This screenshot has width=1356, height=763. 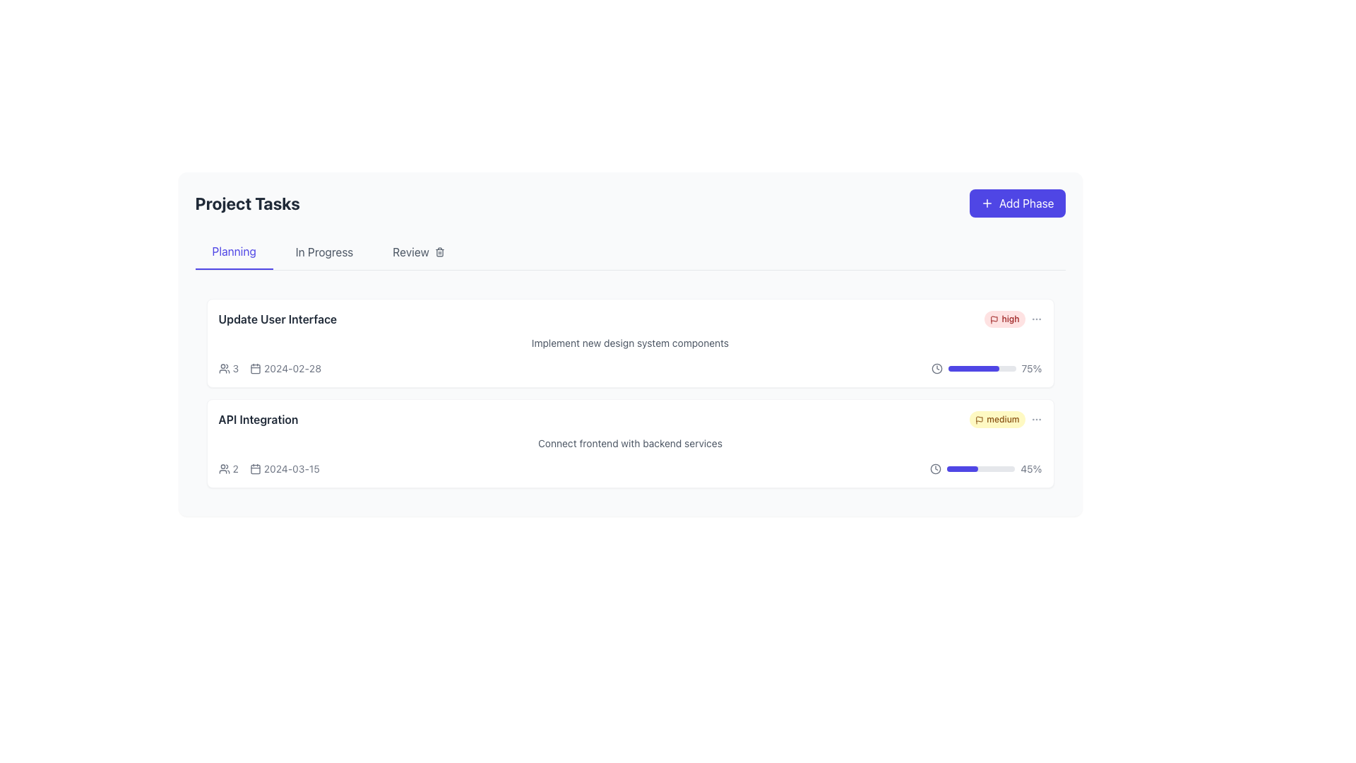 What do you see at coordinates (936, 367) in the screenshot?
I see `the decorative circular outer border of the clock icon adjacent to the 'API Integration' task` at bounding box center [936, 367].